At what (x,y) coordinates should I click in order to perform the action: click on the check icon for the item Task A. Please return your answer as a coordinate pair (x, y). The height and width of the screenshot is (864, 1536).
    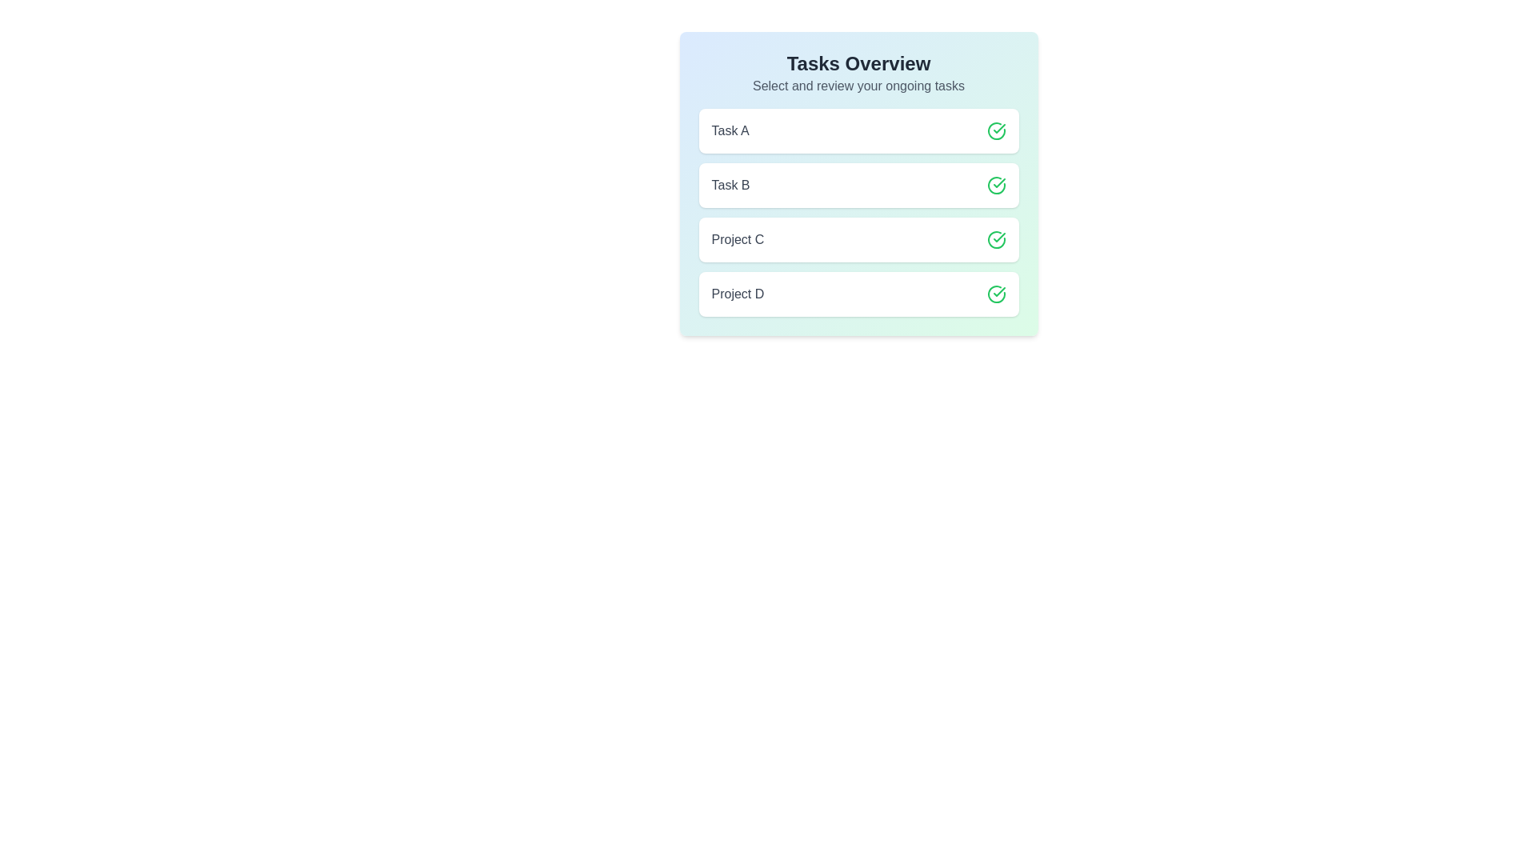
    Looking at the image, I should click on (995, 130).